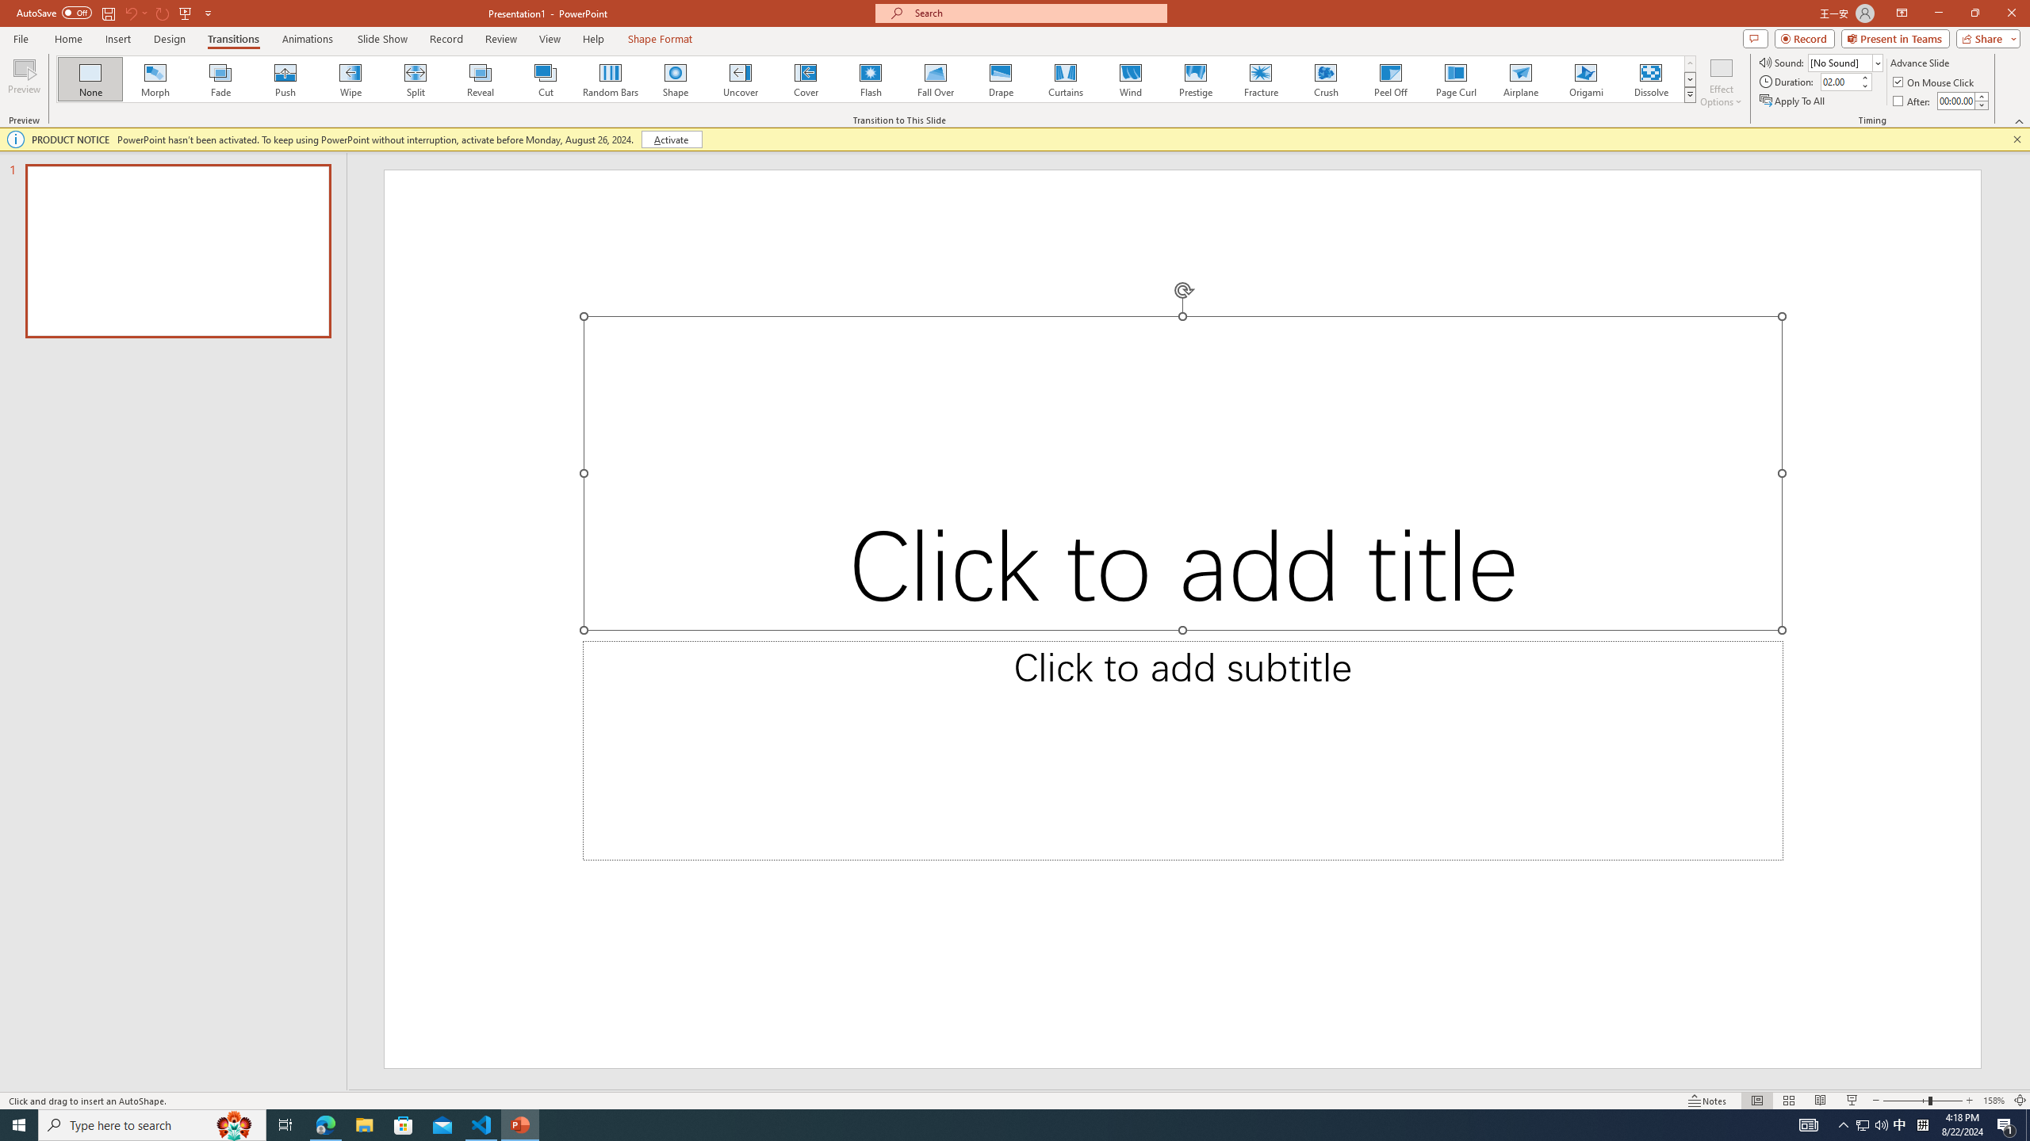 The width and height of the screenshot is (2030, 1141). I want to click on 'Split', so click(415, 78).